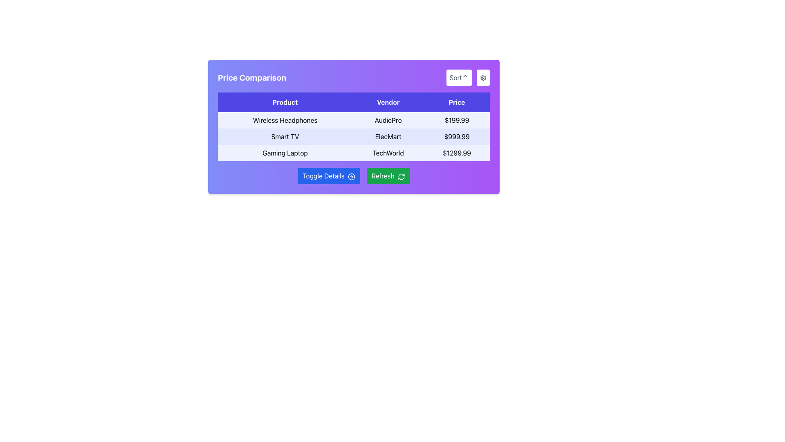 Image resolution: width=785 pixels, height=442 pixels. I want to click on the text label displaying 'Wireless Headphones' located in the 'Product' column of the 'Price Comparison' table, so click(285, 120).